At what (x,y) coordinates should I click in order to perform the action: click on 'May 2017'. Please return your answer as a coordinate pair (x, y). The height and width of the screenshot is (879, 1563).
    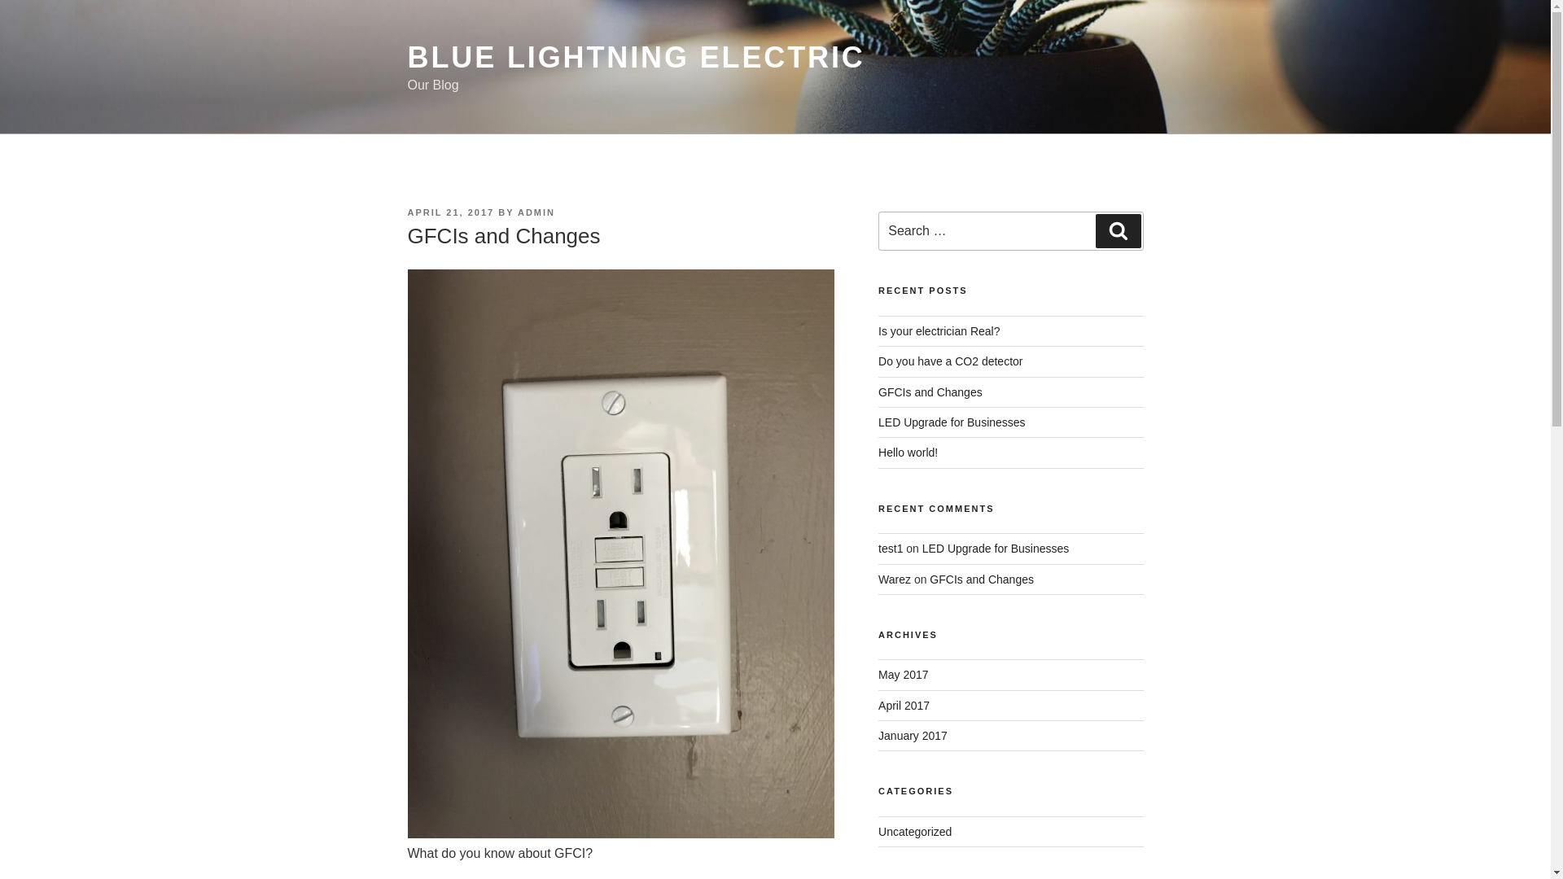
    Looking at the image, I should click on (902, 675).